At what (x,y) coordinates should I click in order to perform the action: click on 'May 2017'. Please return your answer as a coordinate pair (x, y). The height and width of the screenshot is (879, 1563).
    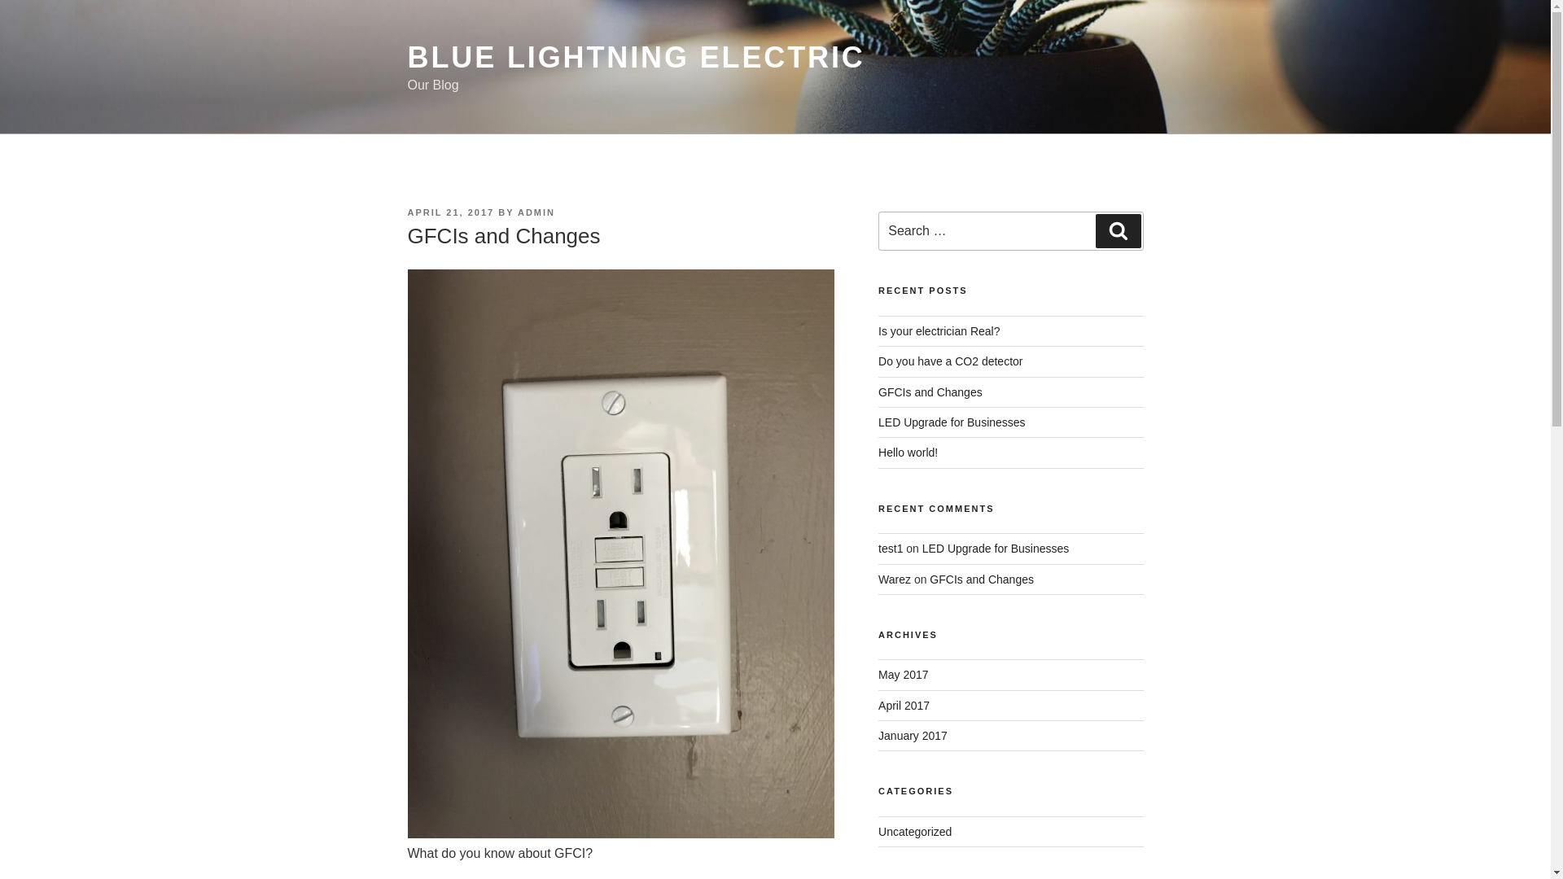
    Looking at the image, I should click on (902, 675).